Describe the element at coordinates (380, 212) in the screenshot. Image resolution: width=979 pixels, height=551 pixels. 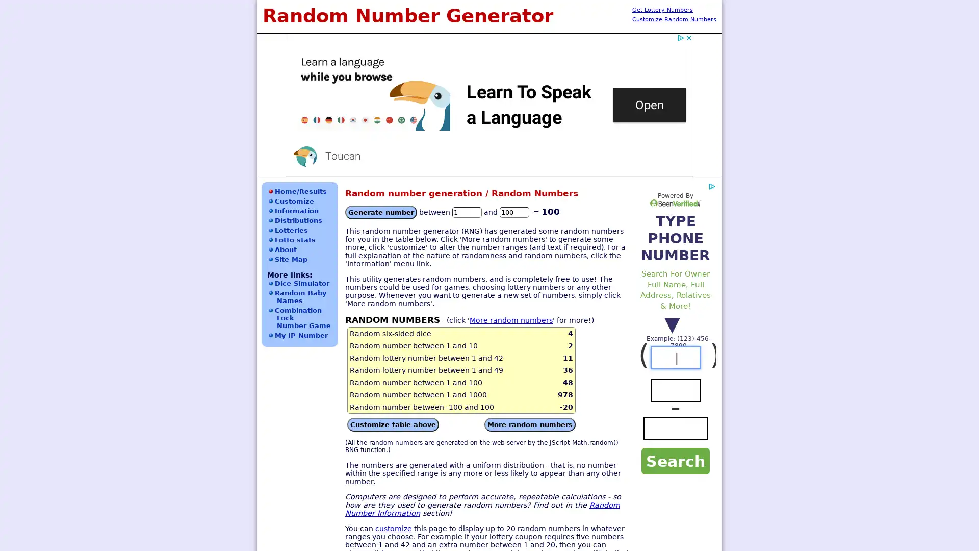
I see `Generate number` at that location.